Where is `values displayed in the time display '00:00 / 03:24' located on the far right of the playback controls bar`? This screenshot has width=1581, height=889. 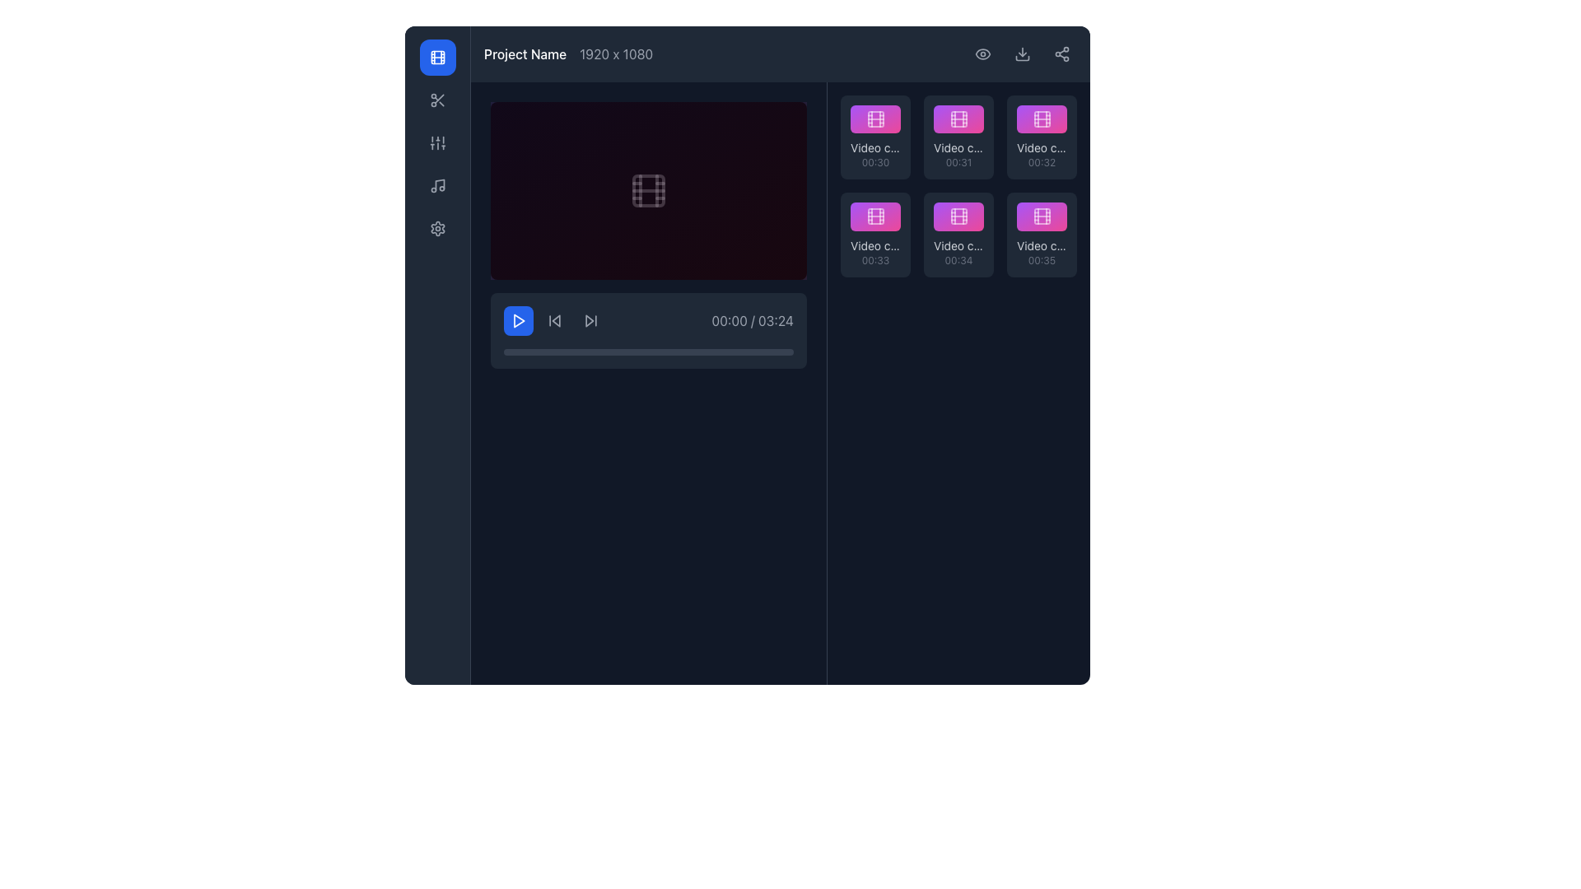 values displayed in the time display '00:00 / 03:24' located on the far right of the playback controls bar is located at coordinates (647, 320).